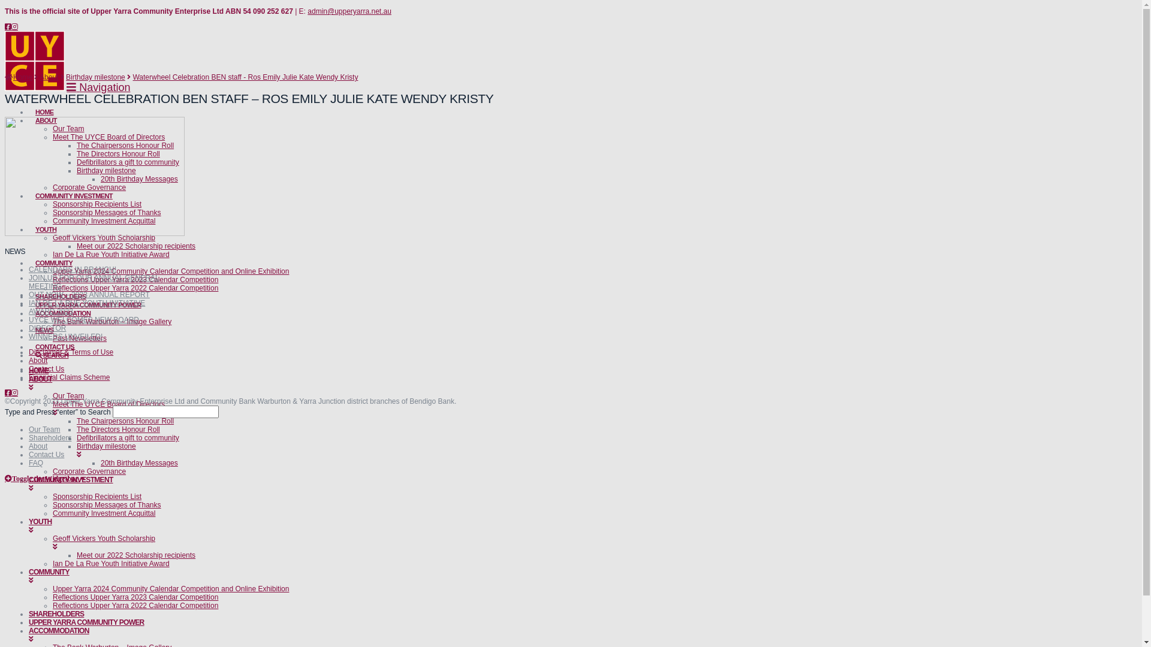 The width and height of the screenshot is (1151, 647). I want to click on 'Defibrillators a gift to community', so click(128, 162).